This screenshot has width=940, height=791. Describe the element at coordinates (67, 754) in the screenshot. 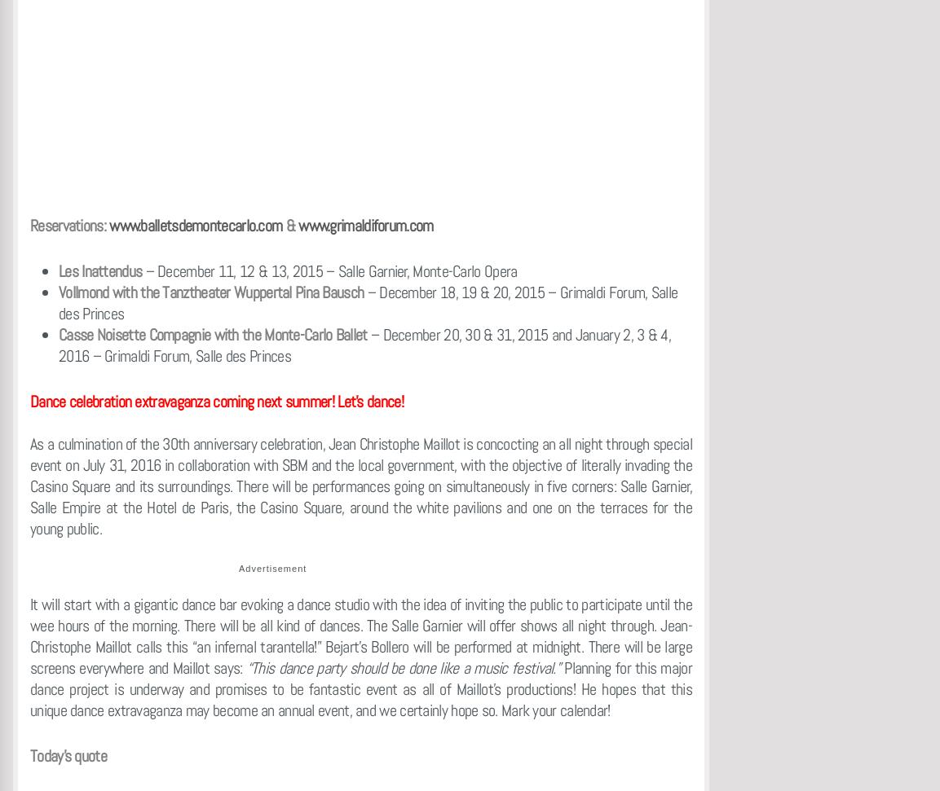

I see `'Today’s quote'` at that location.